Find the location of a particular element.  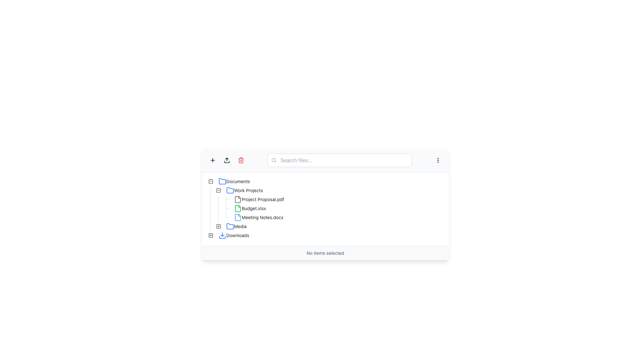

the indentation unit in the tree hierarchy, which is a small vertical rectangle under the 'Work Projects' folder, representing a level of indentation is located at coordinates (218, 199).